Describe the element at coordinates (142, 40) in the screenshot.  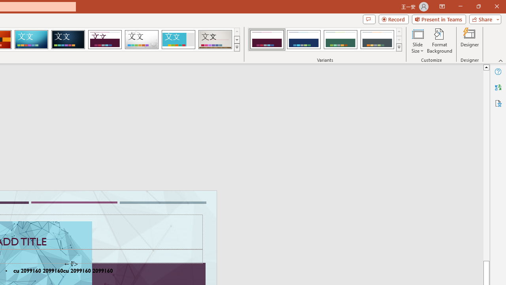
I see `'Droplet'` at that location.